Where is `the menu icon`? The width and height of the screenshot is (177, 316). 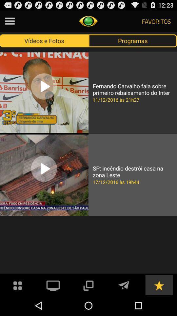
the menu icon is located at coordinates (10, 22).